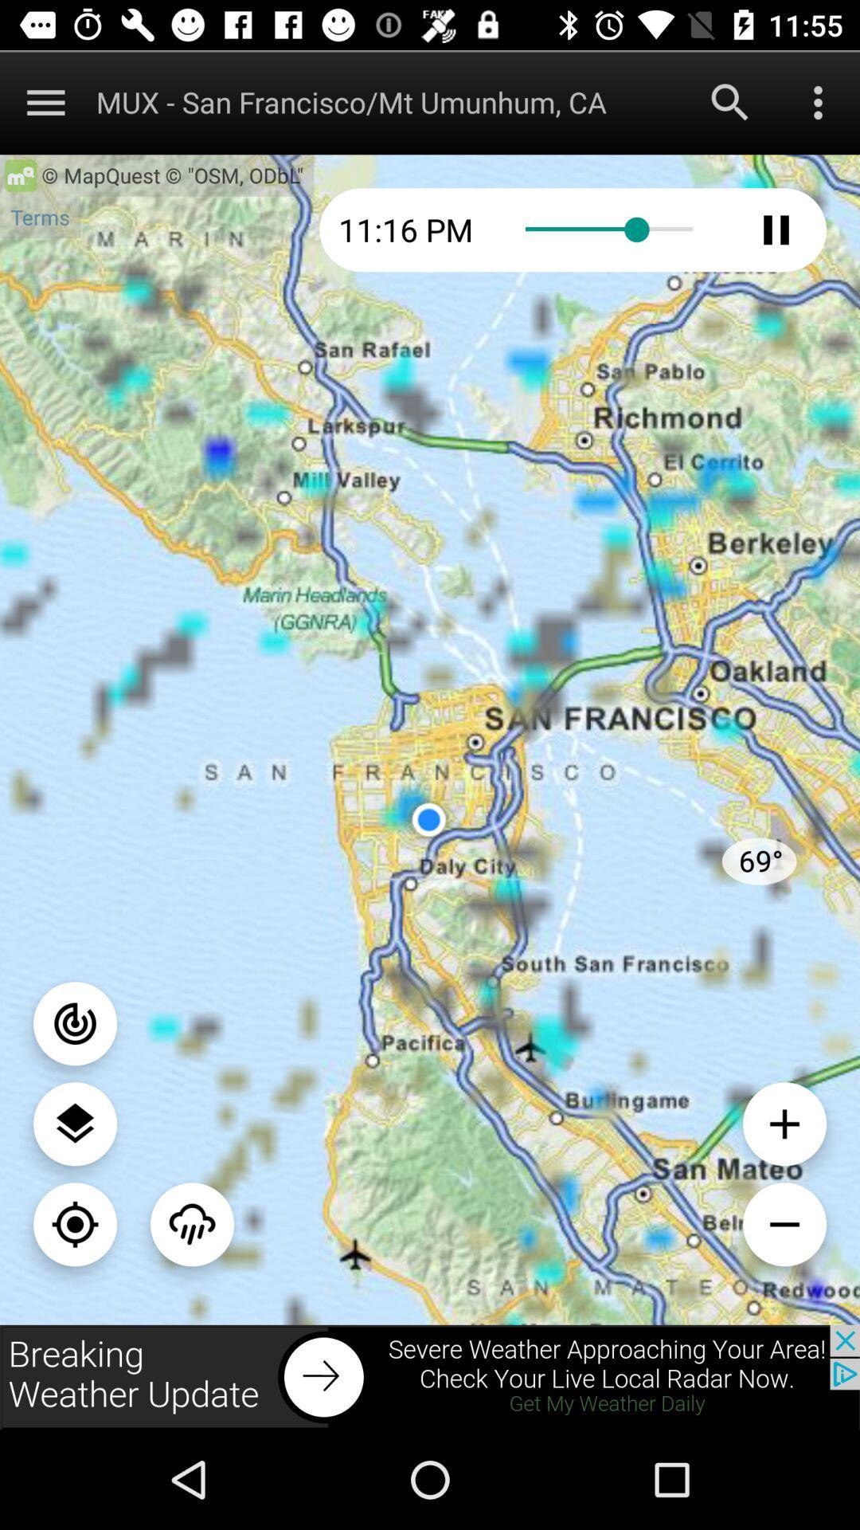 The image size is (860, 1530). What do you see at coordinates (818, 101) in the screenshot?
I see `menu dropdown` at bounding box center [818, 101].